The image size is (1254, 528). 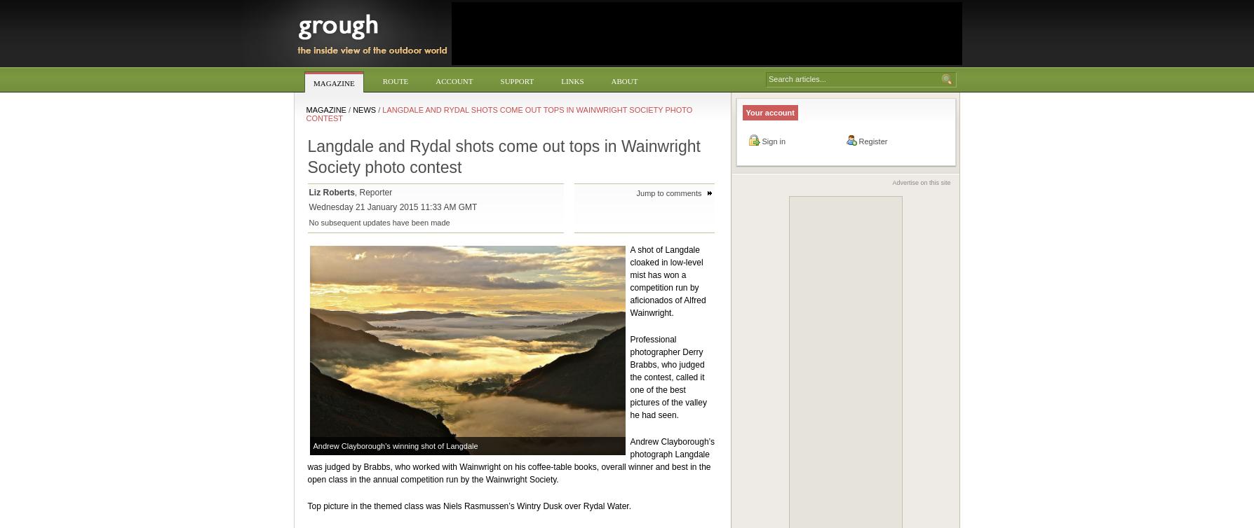 What do you see at coordinates (623, 81) in the screenshot?
I see `'About'` at bounding box center [623, 81].